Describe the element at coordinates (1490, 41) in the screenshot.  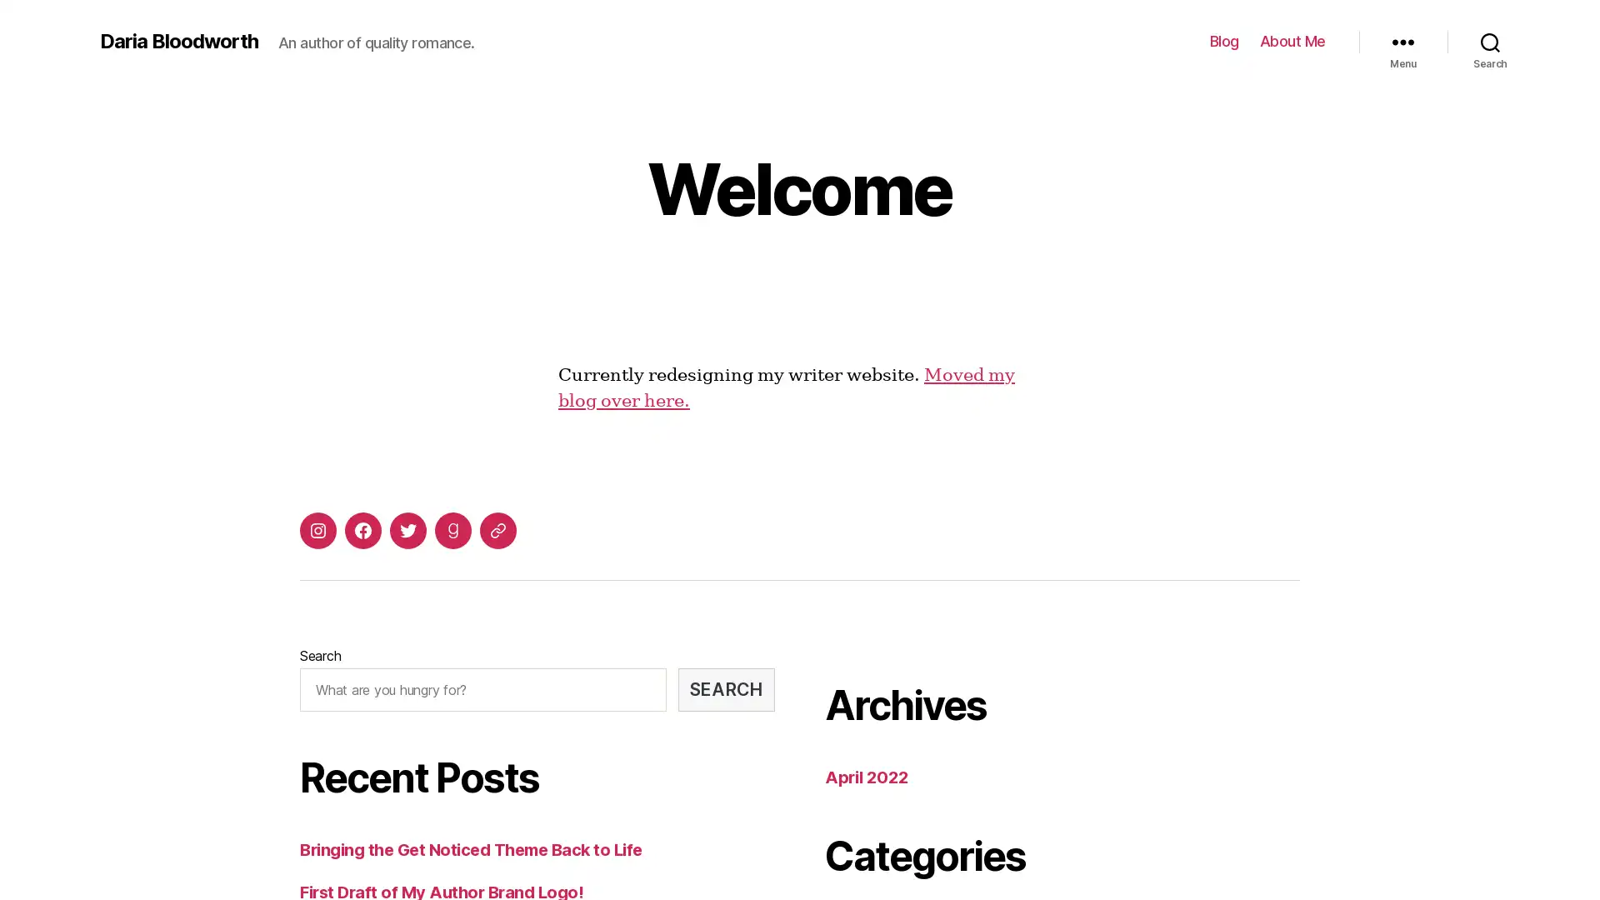
I see `Search` at that location.